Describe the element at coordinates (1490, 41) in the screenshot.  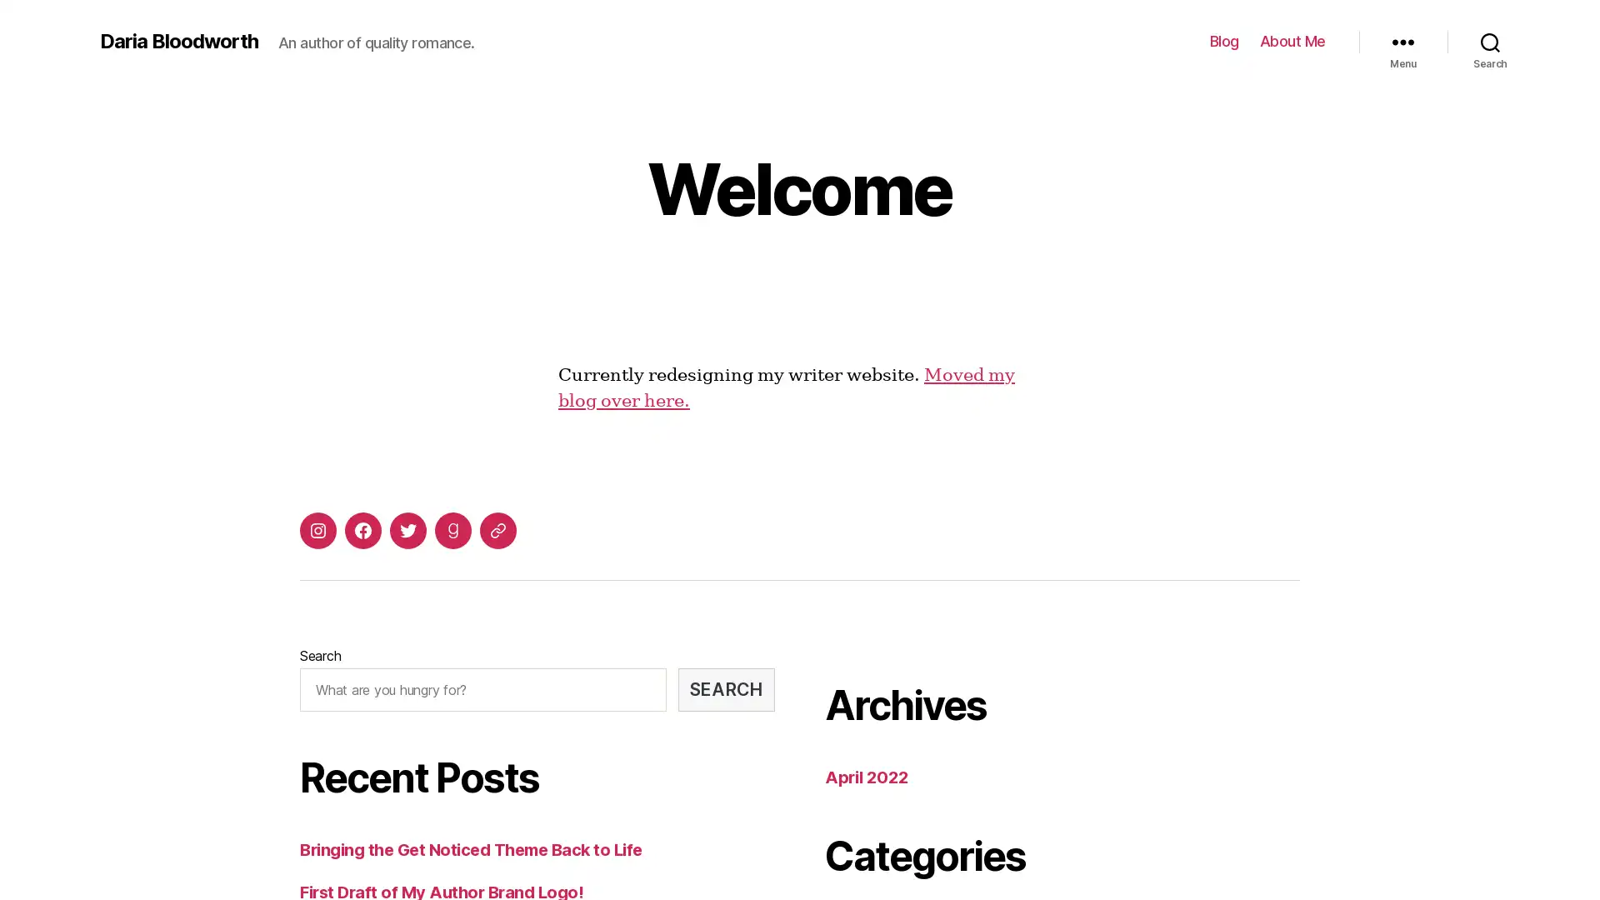
I see `Search` at that location.